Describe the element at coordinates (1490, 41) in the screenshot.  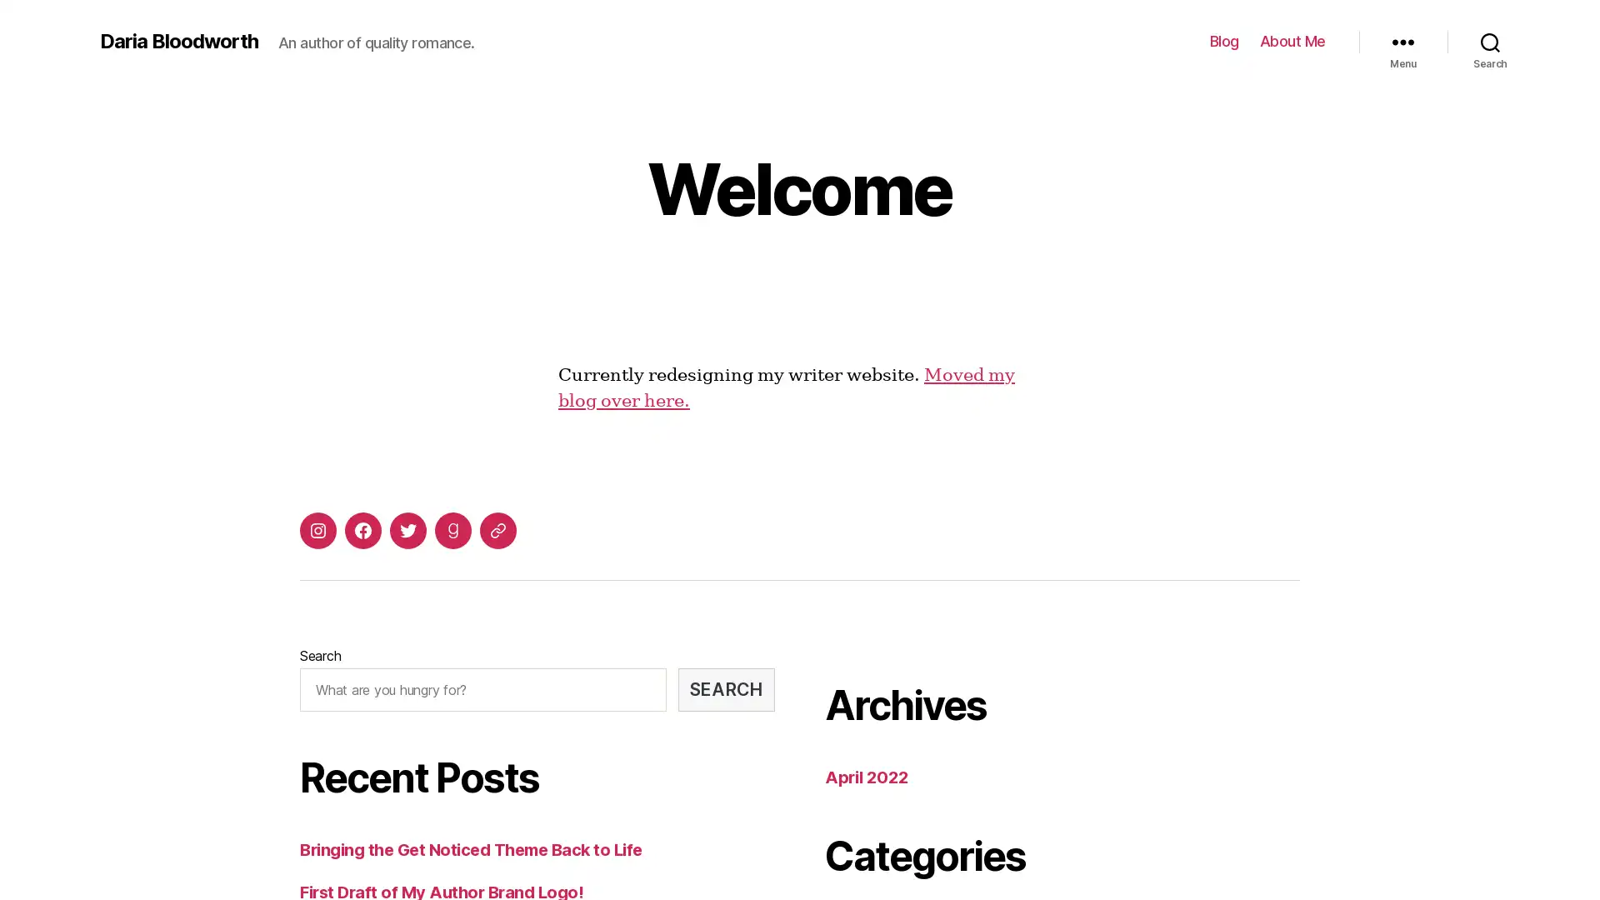
I see `Search` at that location.